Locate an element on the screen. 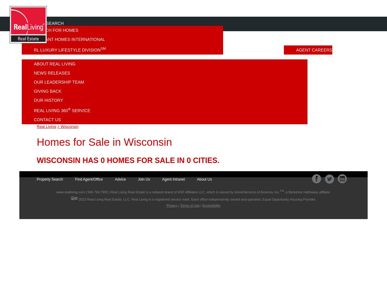 The height and width of the screenshot is (303, 387). 'News Releases' is located at coordinates (52, 72).